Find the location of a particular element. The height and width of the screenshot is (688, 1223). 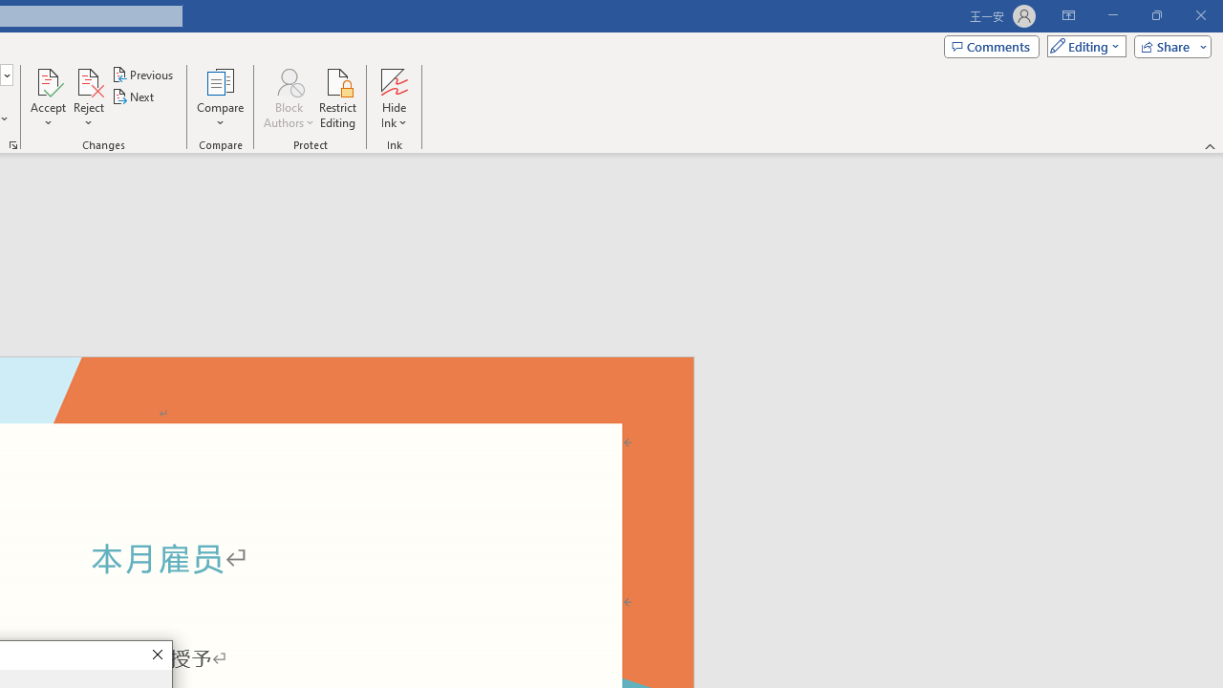

'Accept' is located at coordinates (48, 98).